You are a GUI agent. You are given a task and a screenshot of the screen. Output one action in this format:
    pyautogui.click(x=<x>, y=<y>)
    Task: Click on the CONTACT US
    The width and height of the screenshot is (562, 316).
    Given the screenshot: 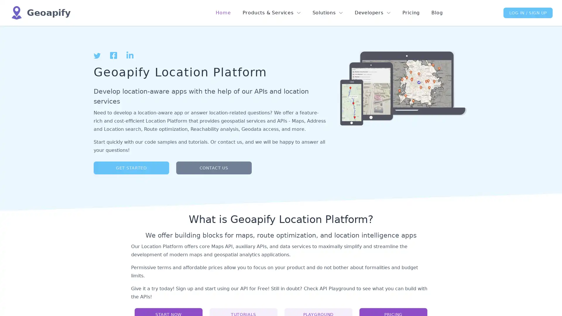 What is the action you would take?
    pyautogui.click(x=213, y=168)
    